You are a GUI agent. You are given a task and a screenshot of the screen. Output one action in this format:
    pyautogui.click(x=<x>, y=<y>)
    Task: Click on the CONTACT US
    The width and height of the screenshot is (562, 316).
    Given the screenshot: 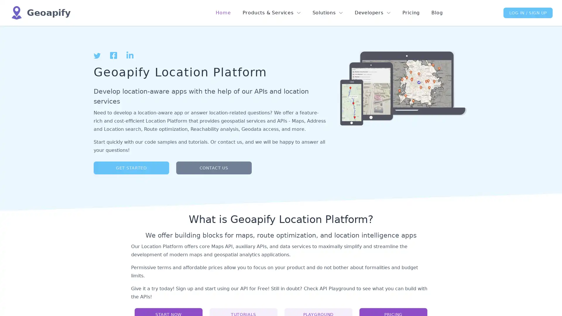 What is the action you would take?
    pyautogui.click(x=213, y=168)
    